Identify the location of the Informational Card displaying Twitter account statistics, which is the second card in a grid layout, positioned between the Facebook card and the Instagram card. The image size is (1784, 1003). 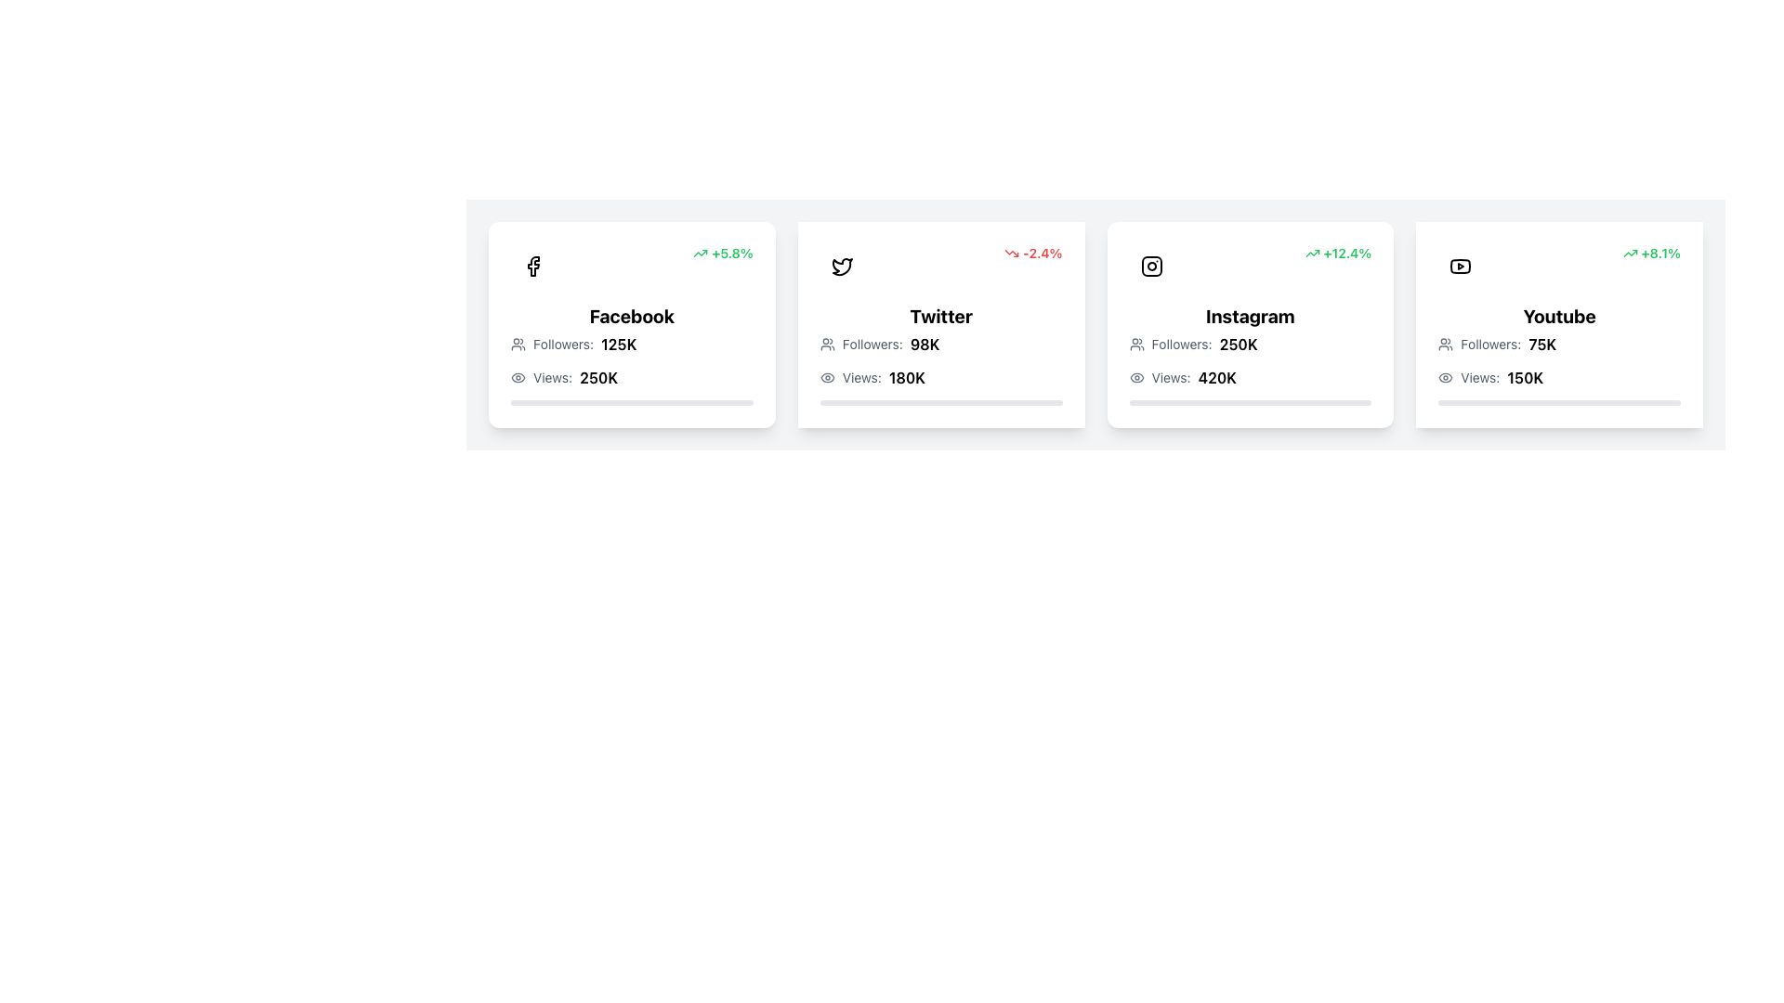
(941, 324).